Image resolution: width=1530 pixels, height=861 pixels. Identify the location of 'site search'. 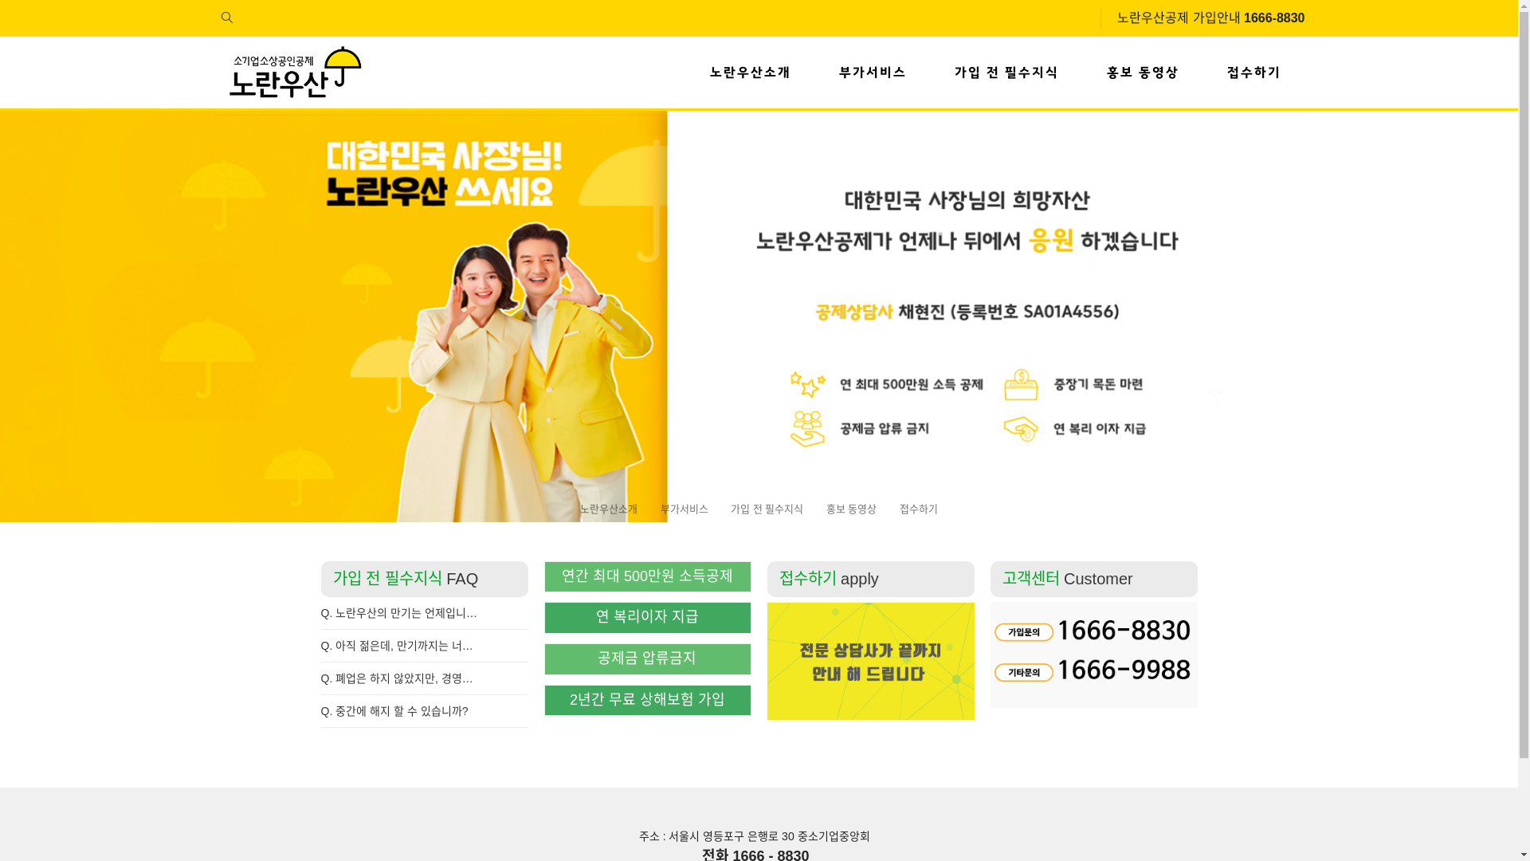
(226, 18).